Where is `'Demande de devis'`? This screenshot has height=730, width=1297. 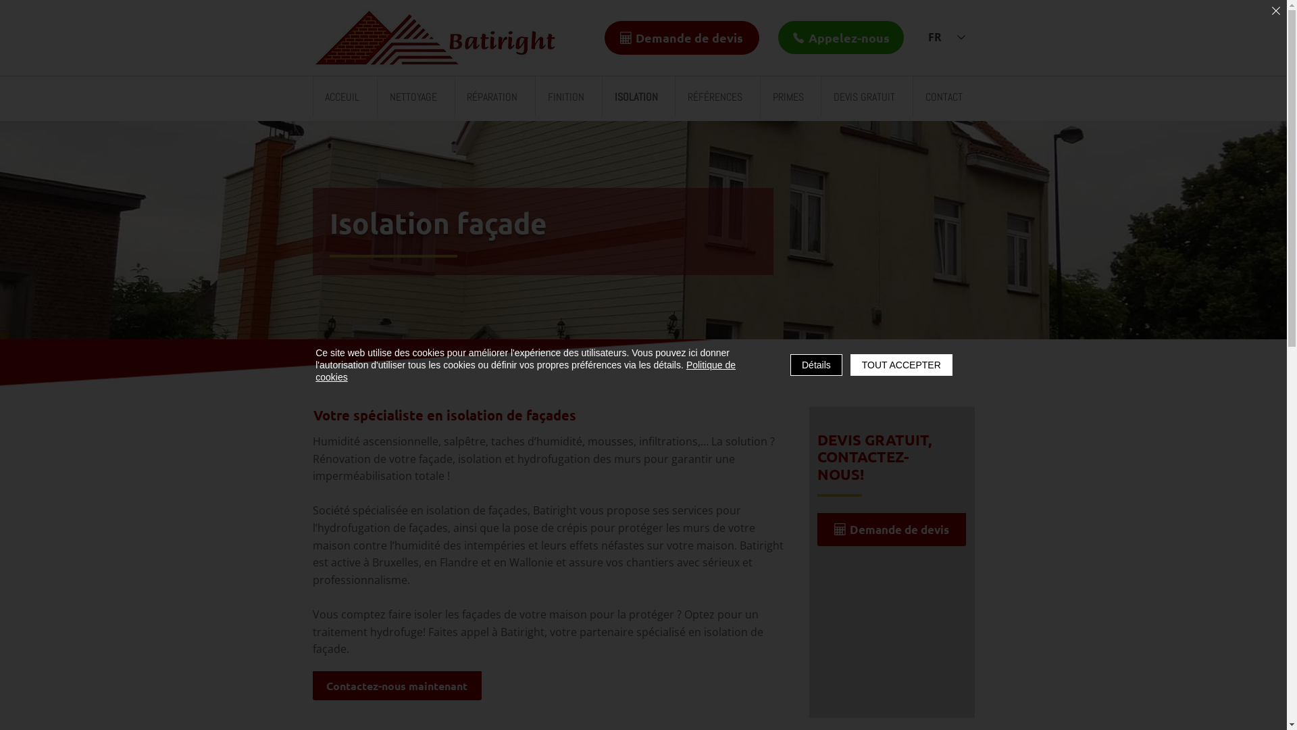 'Demande de devis' is located at coordinates (681, 37).